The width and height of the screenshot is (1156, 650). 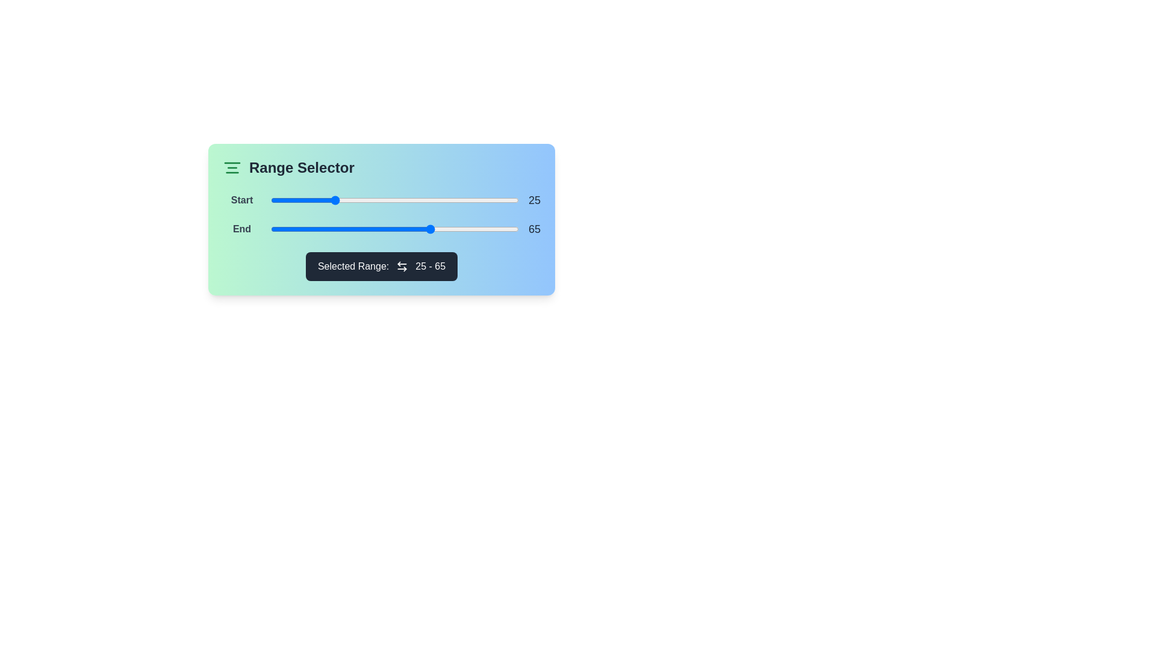 I want to click on the end range slider to 91 by dragging it to the desired position, so click(x=496, y=229).